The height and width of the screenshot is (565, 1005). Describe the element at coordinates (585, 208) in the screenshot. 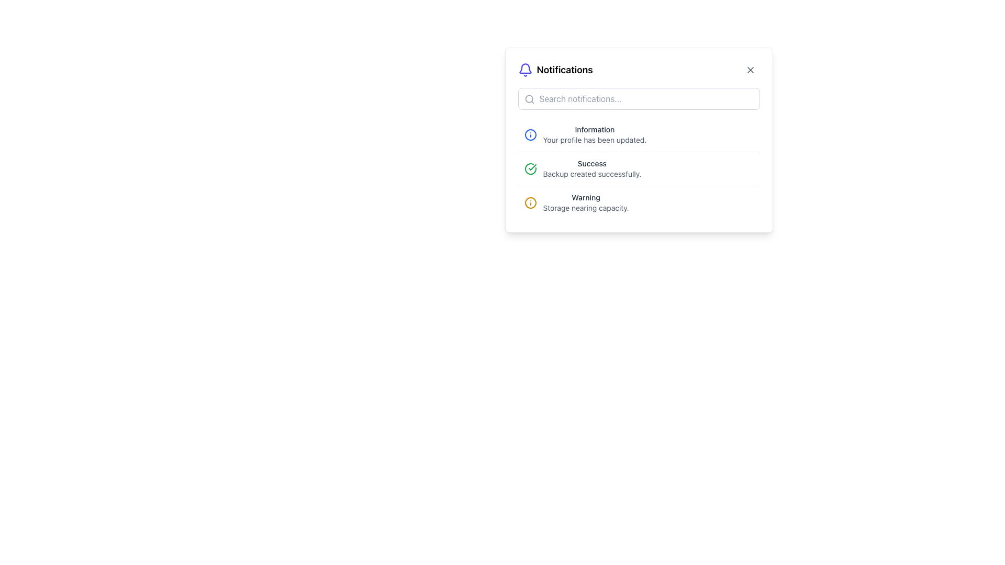

I see `the text label reading 'Storage nearing capacity.' located within the 'Warning' notification card` at that location.